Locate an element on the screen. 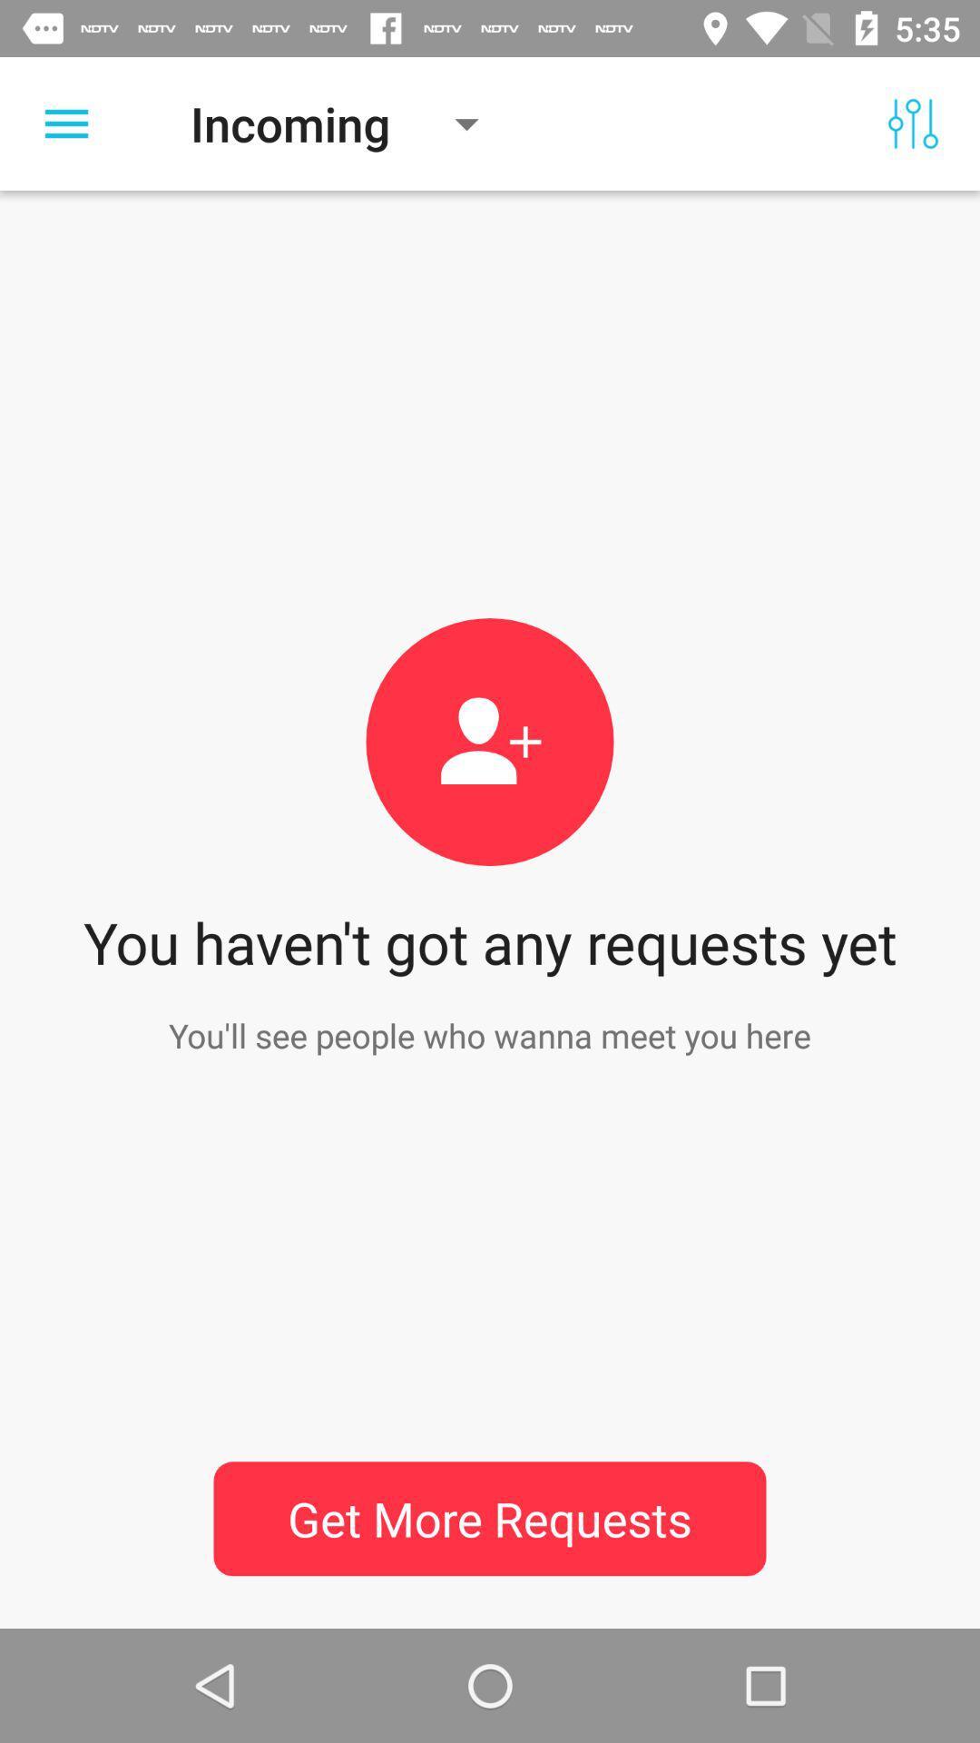 The image size is (980, 1743). click for menu is located at coordinates (65, 123).